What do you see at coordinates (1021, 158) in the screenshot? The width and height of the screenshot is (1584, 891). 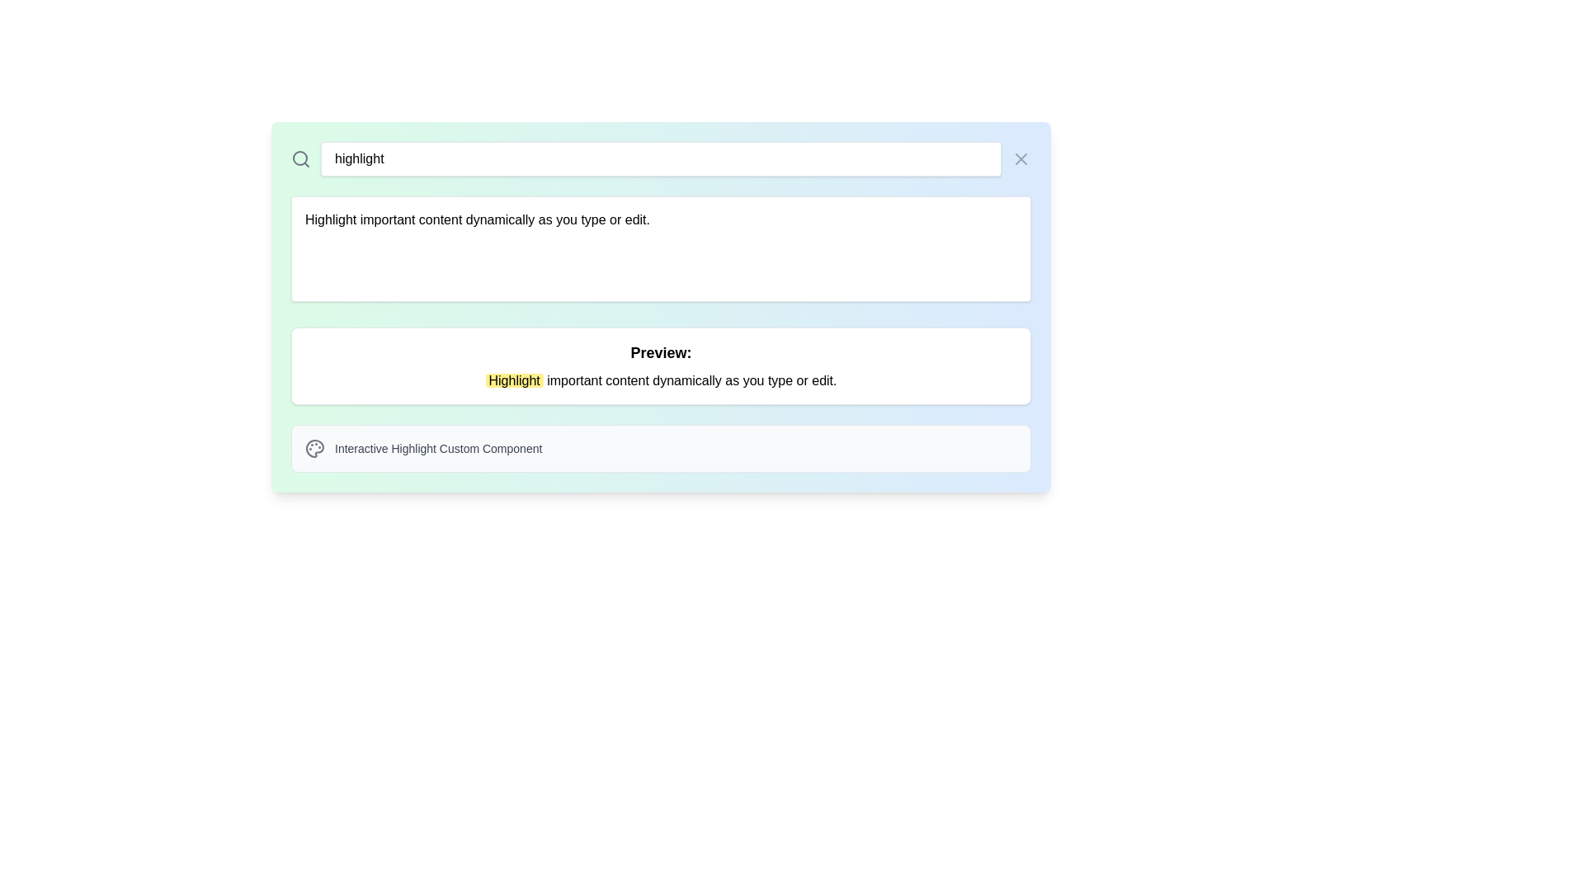 I see `the clear icon button located on the far-right side of the input field` at bounding box center [1021, 158].